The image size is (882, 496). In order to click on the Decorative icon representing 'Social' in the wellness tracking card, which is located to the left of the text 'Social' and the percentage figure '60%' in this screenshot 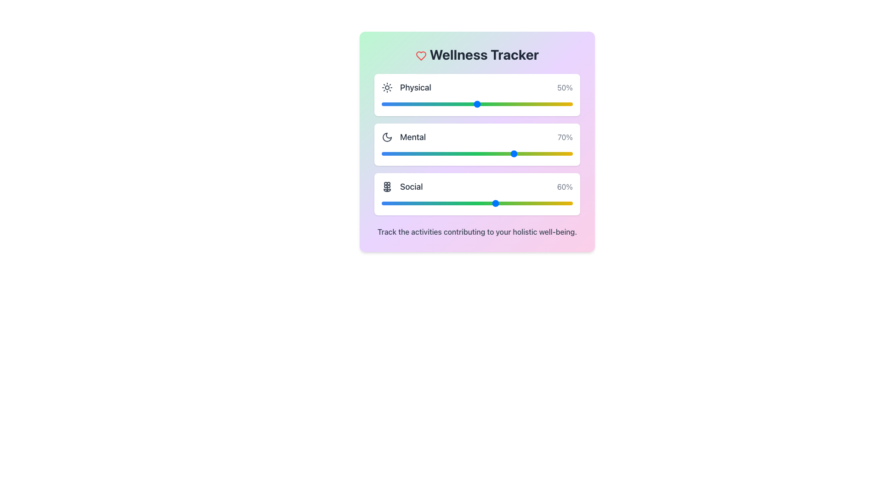, I will do `click(387, 186)`.